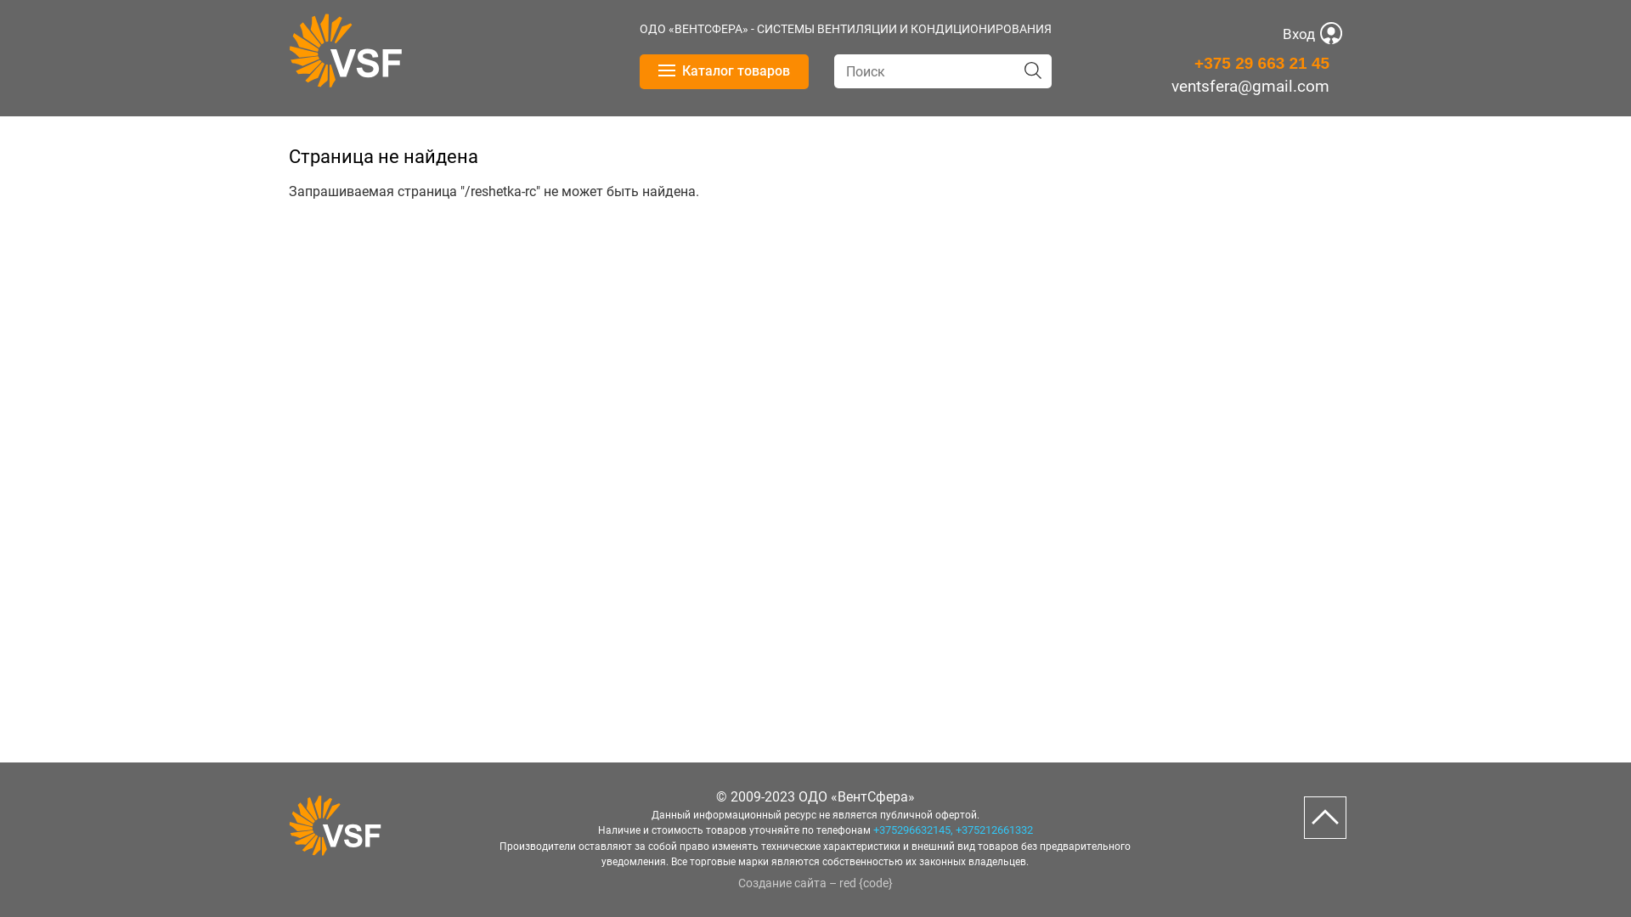 The image size is (1631, 917). What do you see at coordinates (994, 829) in the screenshot?
I see `'+375212661332'` at bounding box center [994, 829].